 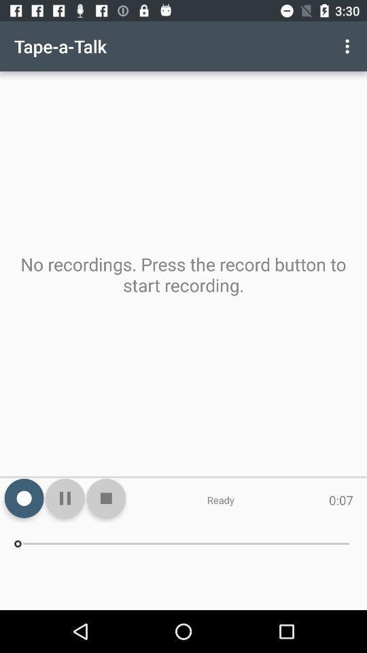 I want to click on item to the right of tape-a-talk icon, so click(x=349, y=46).